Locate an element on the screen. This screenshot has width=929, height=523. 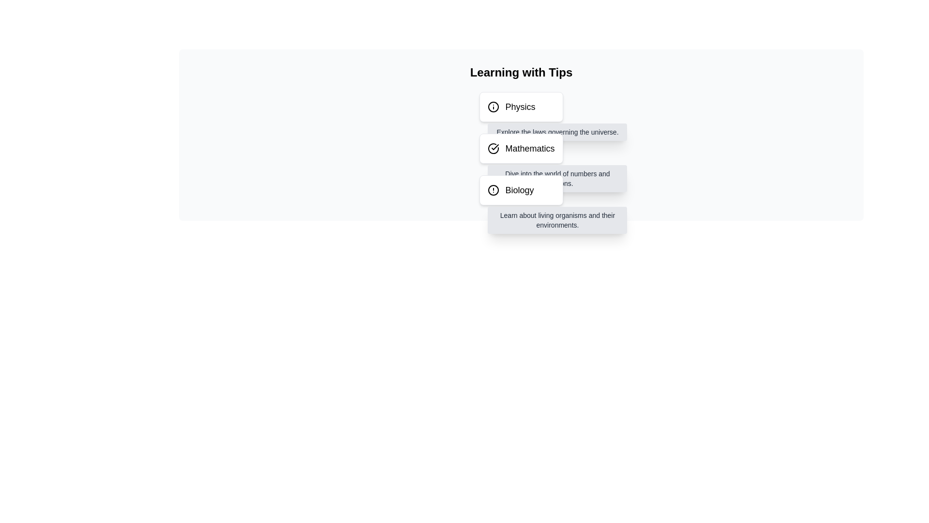
the static text element labeled 'Biology' located in the third grouping under the header 'Learning with Tips', which is accompanied by a circular icon with an exclamation mark to the left is located at coordinates (519, 190).